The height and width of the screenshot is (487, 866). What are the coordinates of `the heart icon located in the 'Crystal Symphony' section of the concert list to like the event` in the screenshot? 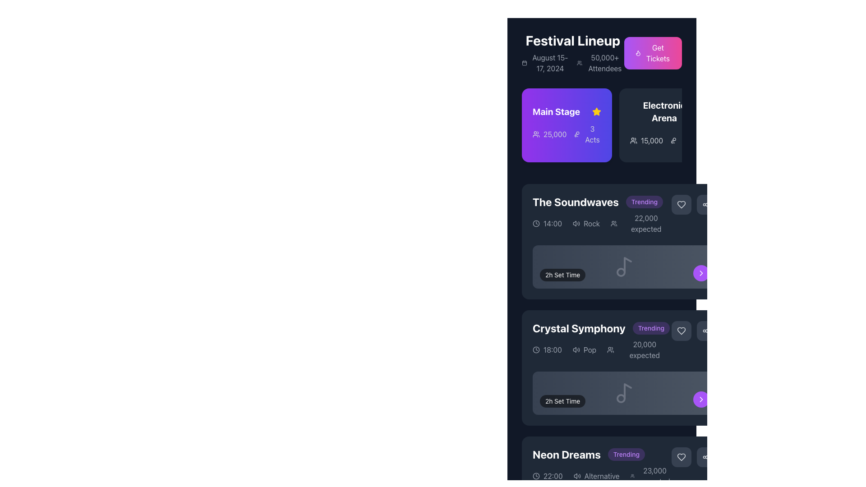 It's located at (693, 331).